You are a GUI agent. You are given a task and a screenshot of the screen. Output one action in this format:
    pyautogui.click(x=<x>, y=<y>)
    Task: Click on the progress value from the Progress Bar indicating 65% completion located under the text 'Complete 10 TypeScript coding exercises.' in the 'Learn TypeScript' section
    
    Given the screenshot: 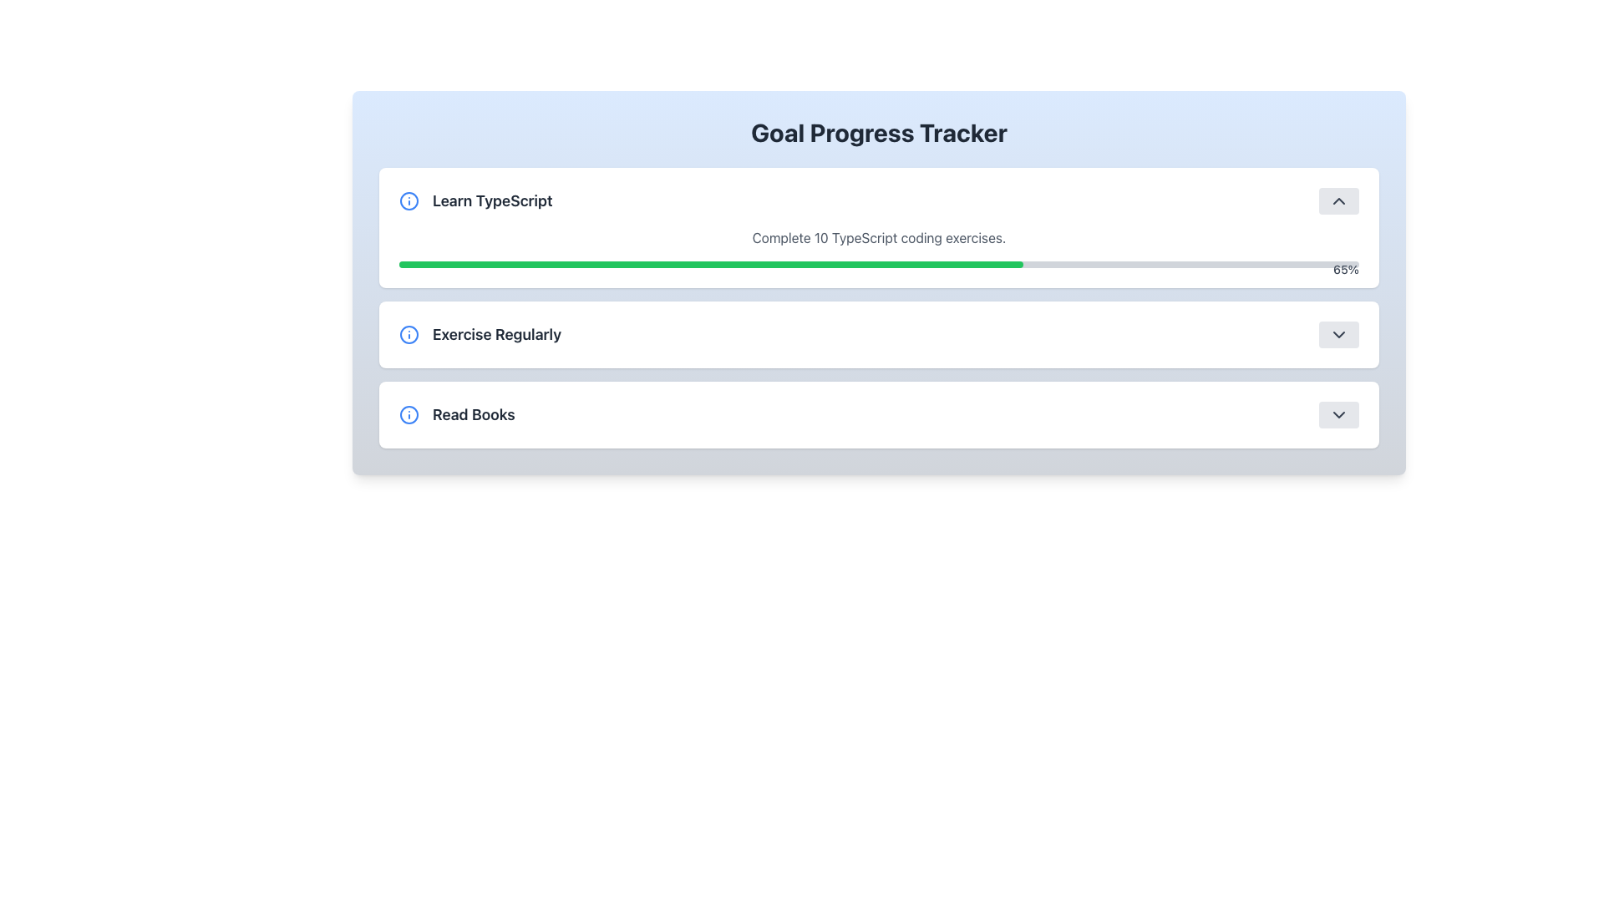 What is the action you would take?
    pyautogui.click(x=878, y=263)
    